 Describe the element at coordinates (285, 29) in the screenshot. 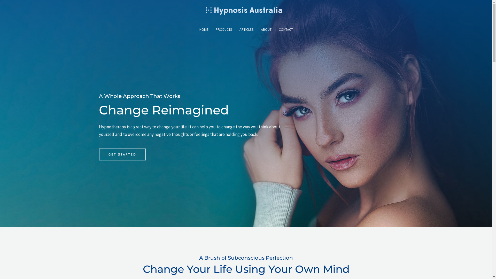

I see `'CONTACT'` at that location.